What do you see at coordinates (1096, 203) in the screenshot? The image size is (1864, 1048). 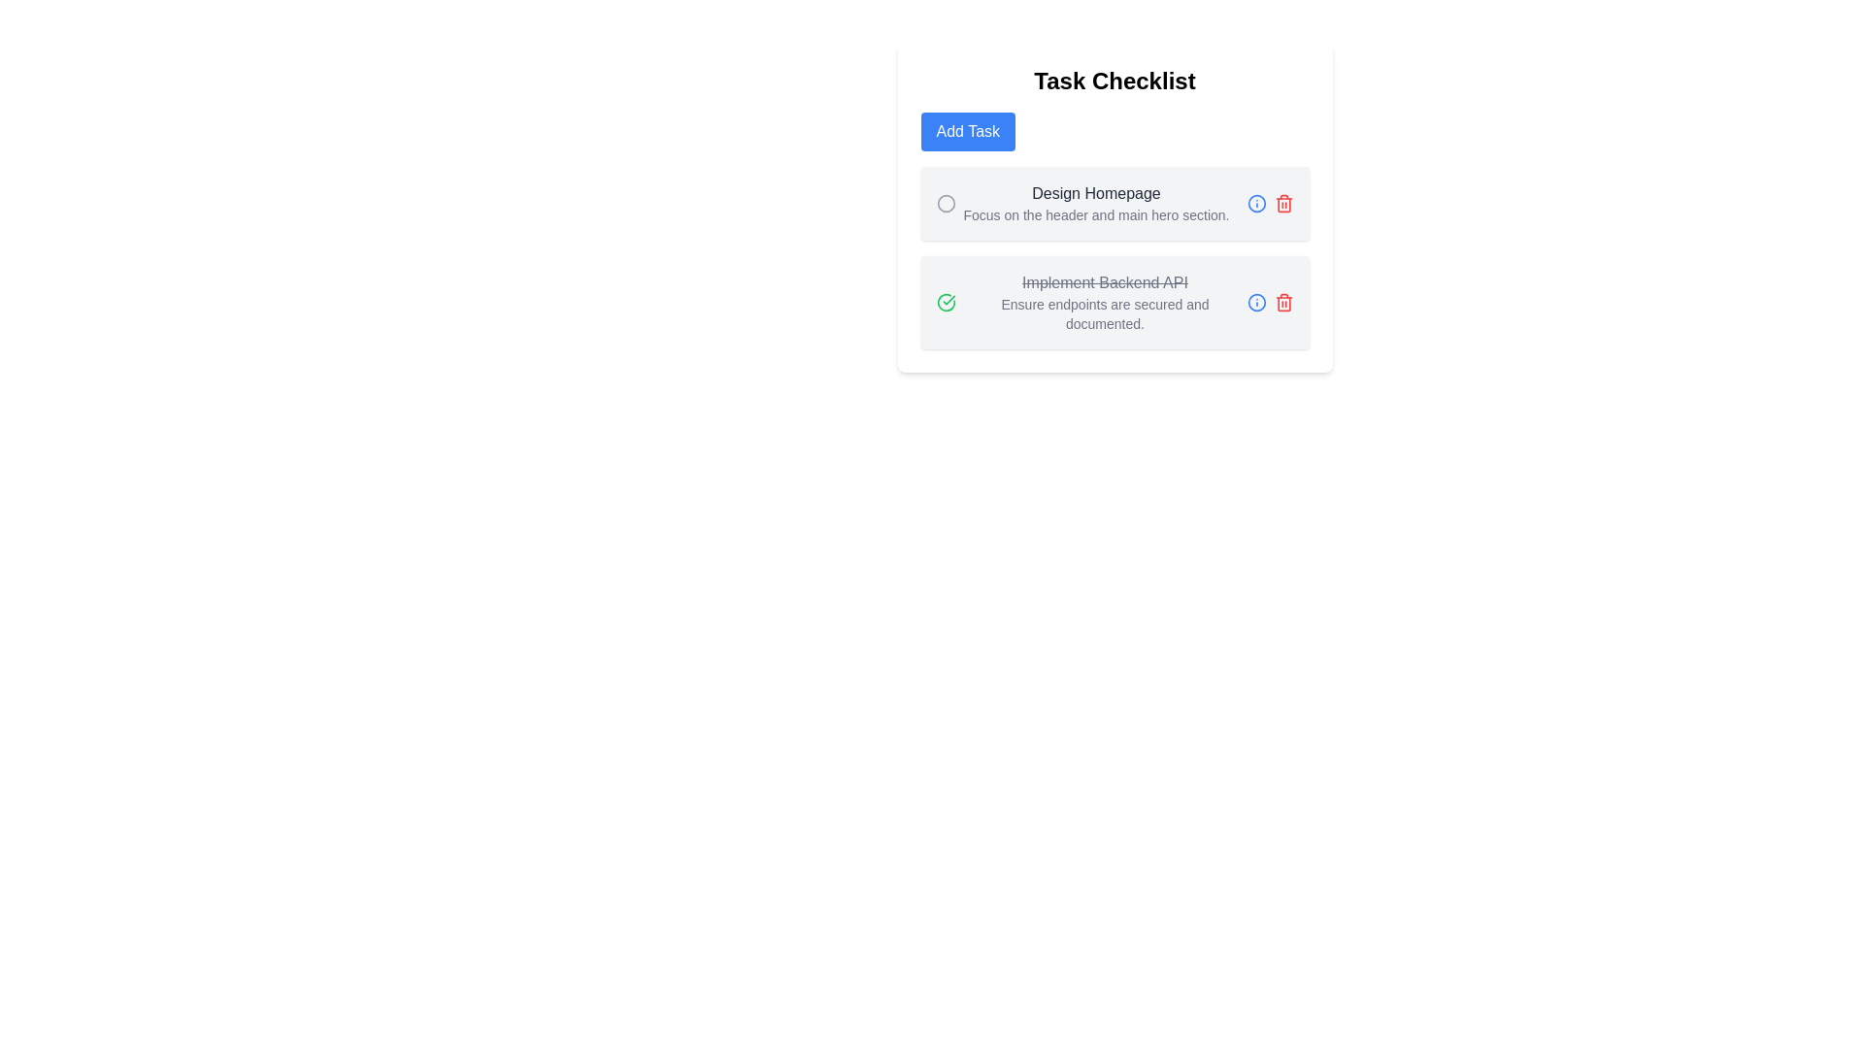 I see `the Text block with title and description located under the 'Task Checklist' heading, positioned directly below the 'Add Task' button` at bounding box center [1096, 203].